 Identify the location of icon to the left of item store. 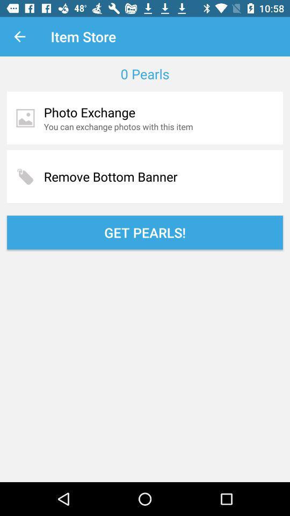
(19, 37).